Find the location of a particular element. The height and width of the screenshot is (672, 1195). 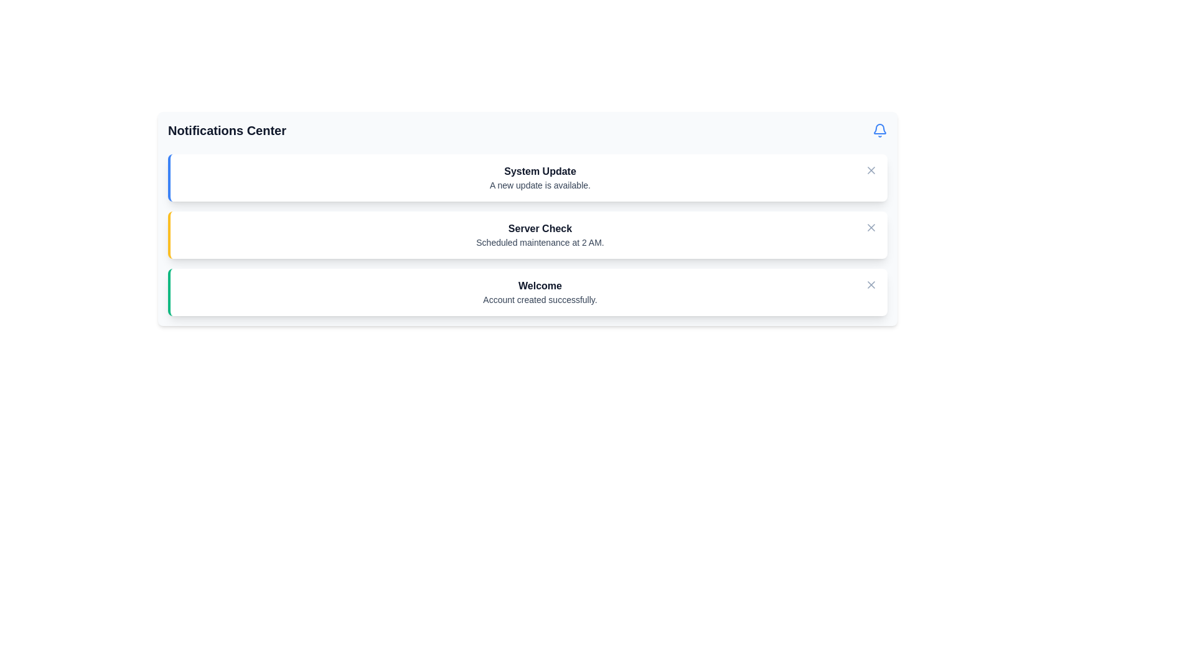

the bold-styled text labeled 'System Update' in dark slate color, located at the top of the notification list is located at coordinates (540, 172).